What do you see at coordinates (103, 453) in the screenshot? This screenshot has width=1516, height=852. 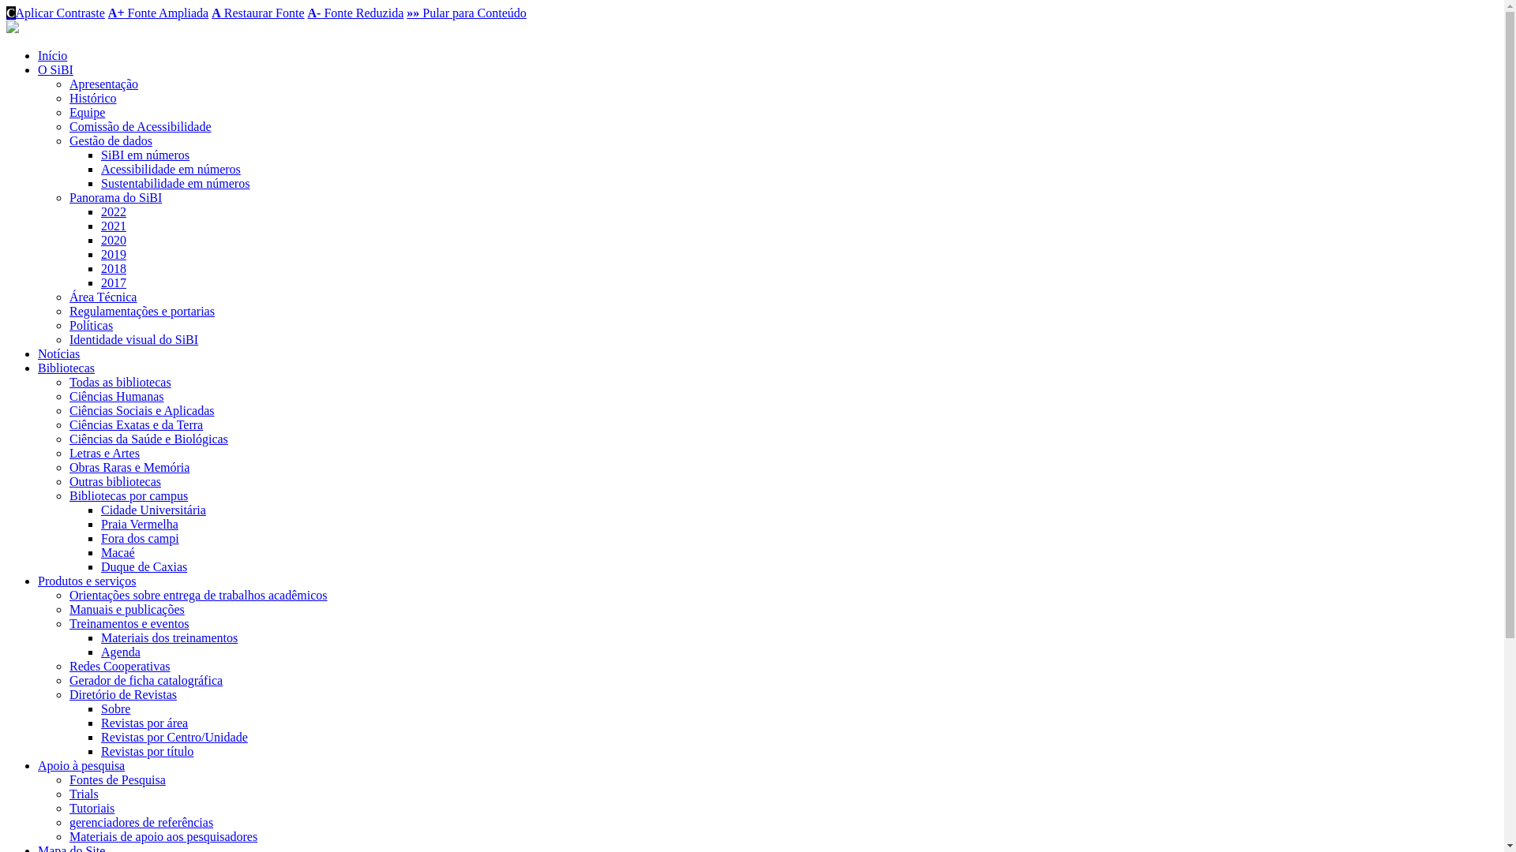 I see `'Letras e Artes'` at bounding box center [103, 453].